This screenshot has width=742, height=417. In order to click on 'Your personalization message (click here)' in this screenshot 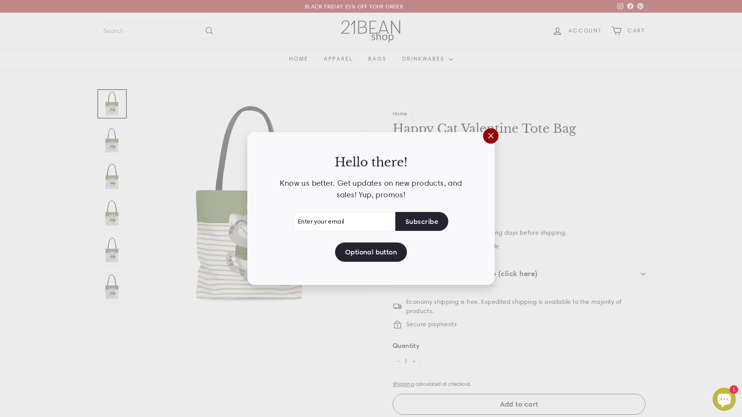, I will do `click(519, 273)`.